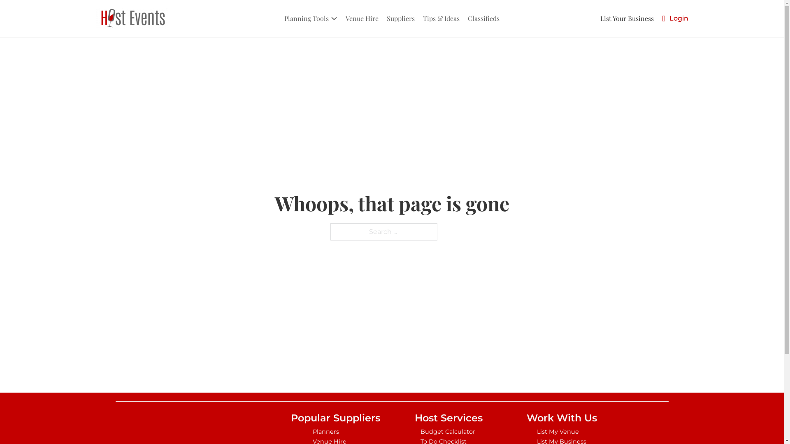 Image resolution: width=790 pixels, height=444 pixels. I want to click on 'Login', so click(678, 18).